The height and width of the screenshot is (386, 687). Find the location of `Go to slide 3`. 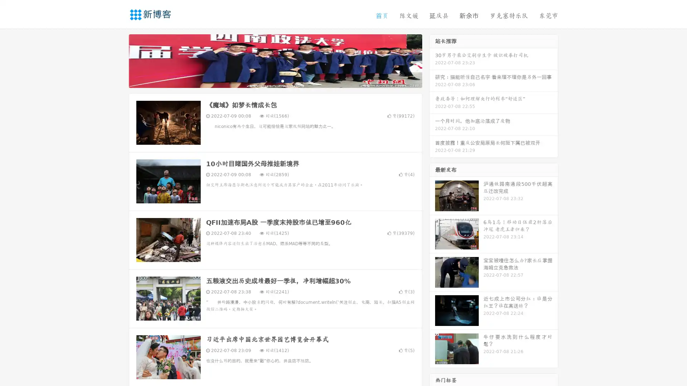

Go to slide 3 is located at coordinates (282, 80).